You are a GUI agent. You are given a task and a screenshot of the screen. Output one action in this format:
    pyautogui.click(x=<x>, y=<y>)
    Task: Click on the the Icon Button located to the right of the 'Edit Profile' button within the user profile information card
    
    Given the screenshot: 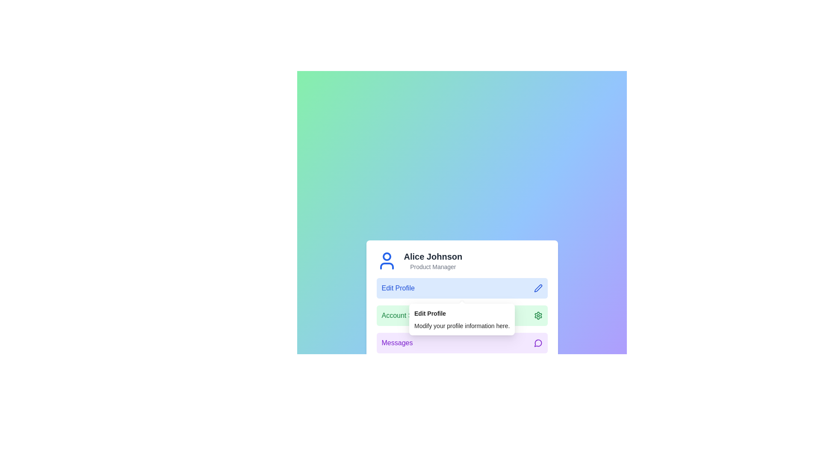 What is the action you would take?
    pyautogui.click(x=537, y=288)
    